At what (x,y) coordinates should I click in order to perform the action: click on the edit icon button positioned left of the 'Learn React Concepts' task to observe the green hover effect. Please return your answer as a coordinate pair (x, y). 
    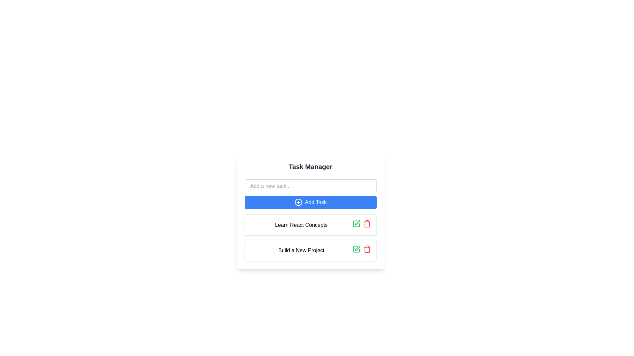
    Looking at the image, I should click on (356, 223).